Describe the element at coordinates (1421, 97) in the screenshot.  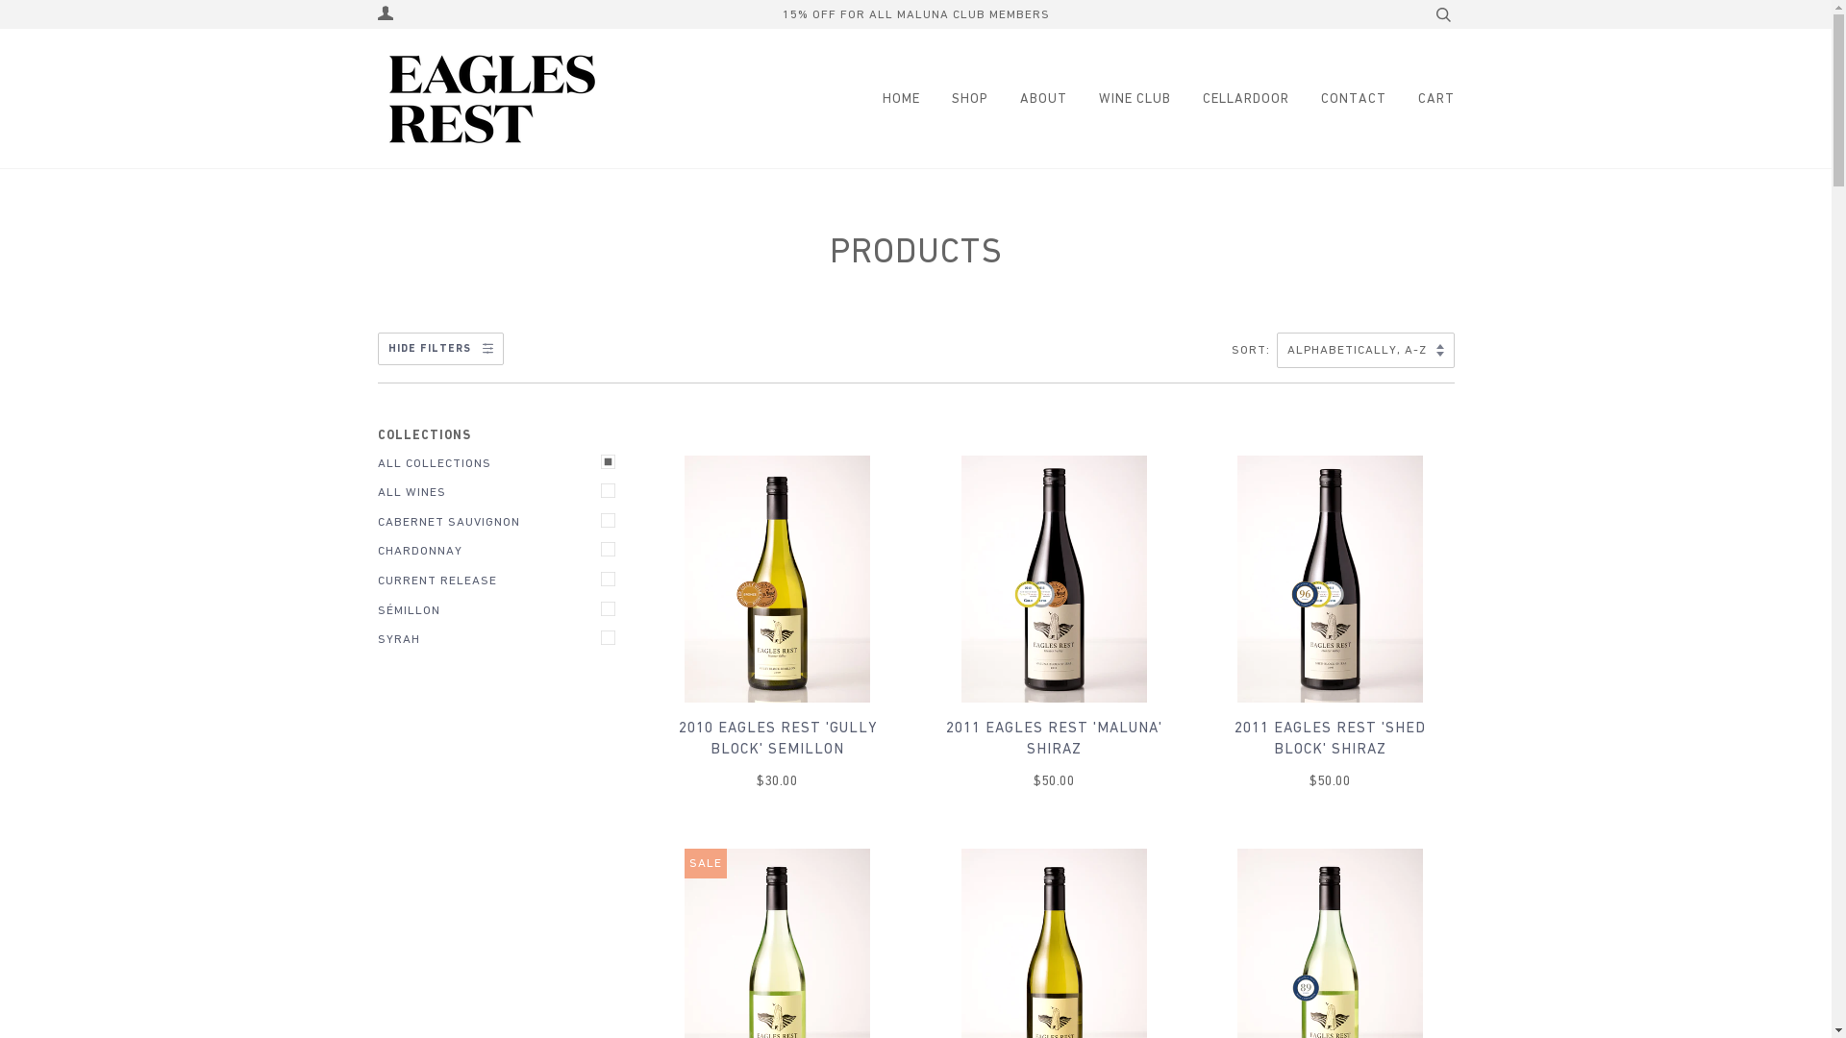
I see `'CART'` at that location.